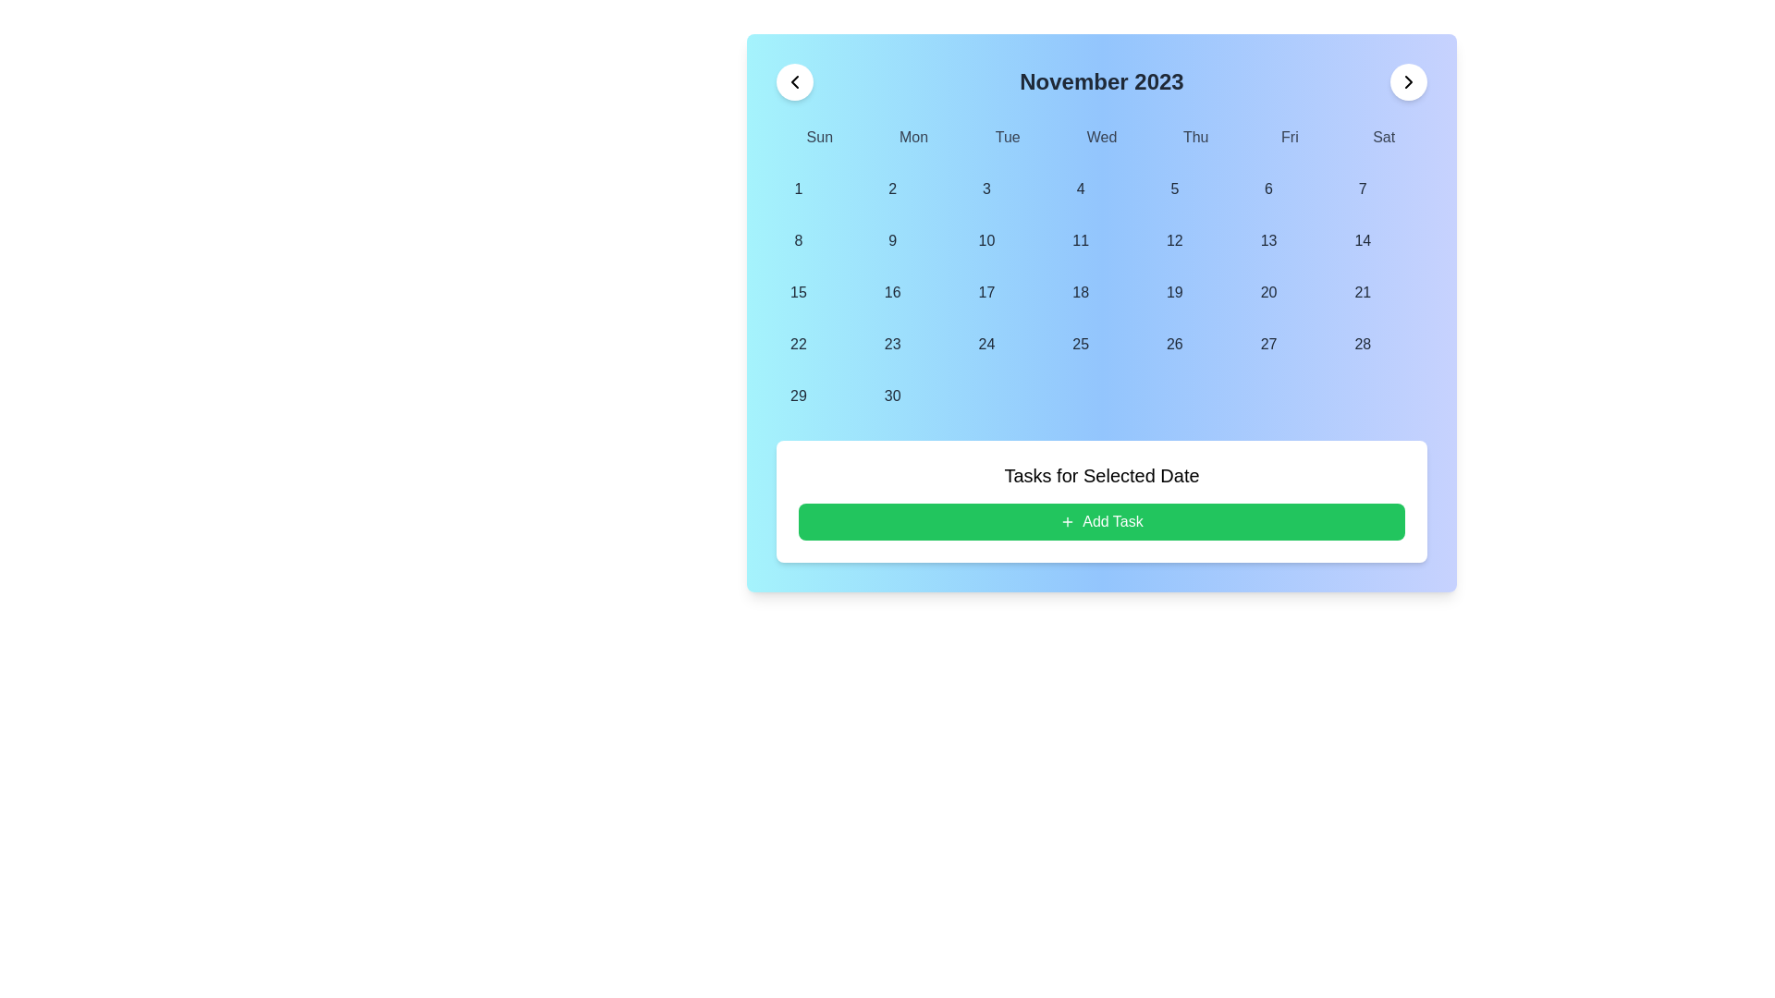  Describe the element at coordinates (799, 189) in the screenshot. I see `the button representing November 1st, 2023, located under the label 'Sun' and above the numeral '8' in the calendar interface` at that location.